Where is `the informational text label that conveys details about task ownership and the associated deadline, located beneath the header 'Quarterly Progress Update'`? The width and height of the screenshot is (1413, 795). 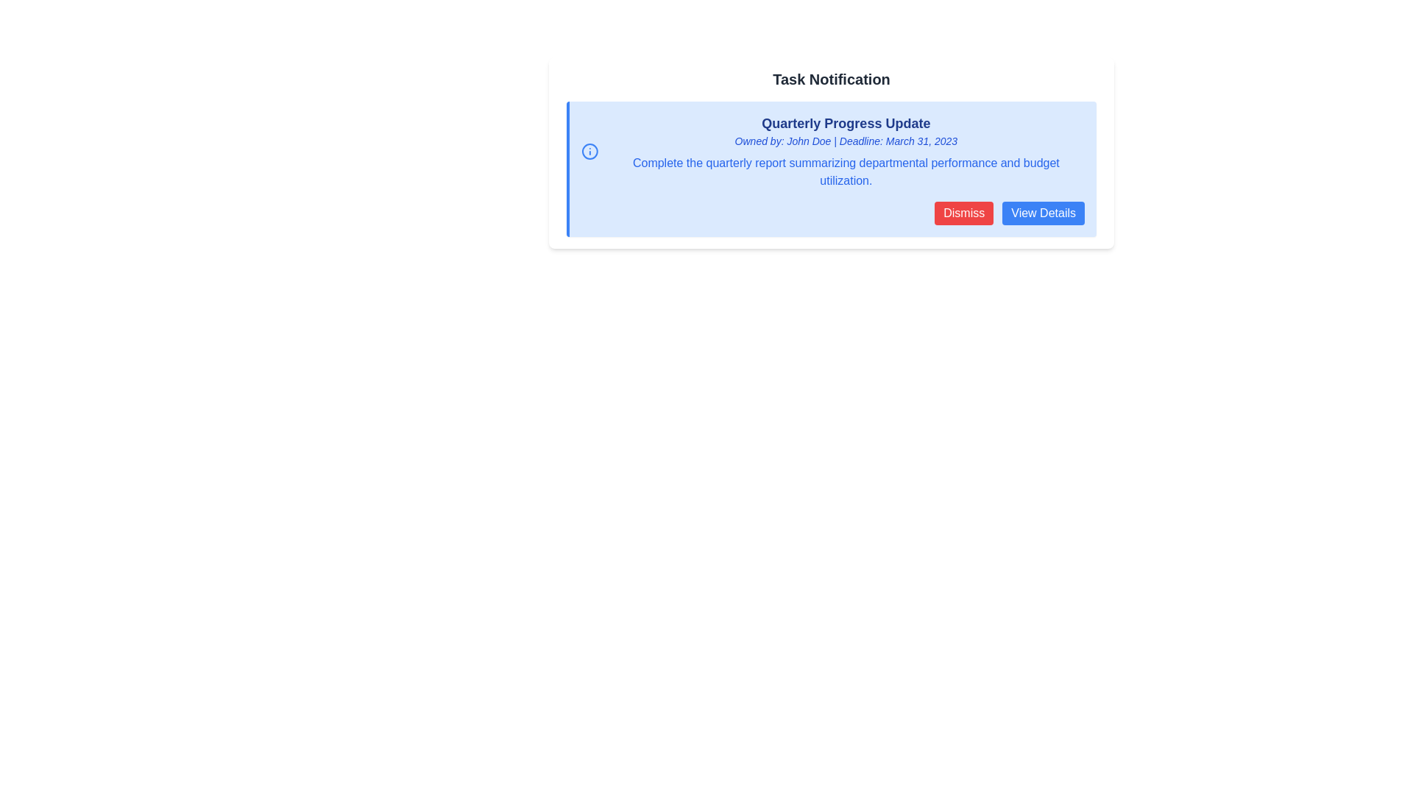 the informational text label that conveys details about task ownership and the associated deadline, located beneath the header 'Quarterly Progress Update' is located at coordinates (846, 141).